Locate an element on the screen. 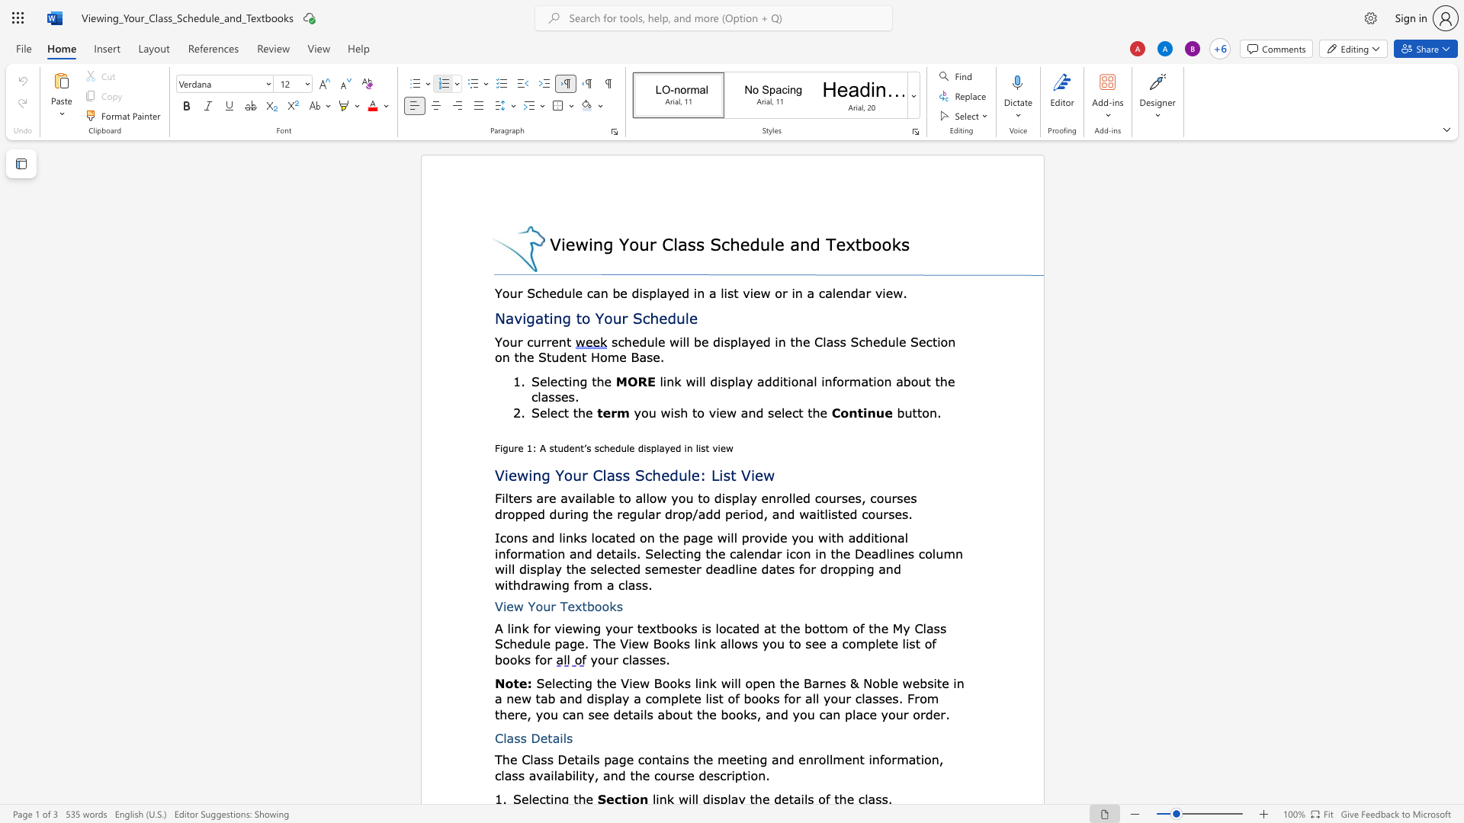 The height and width of the screenshot is (823, 1464). the space between the continuous character "i" and "n" in the text is located at coordinates (566, 536).